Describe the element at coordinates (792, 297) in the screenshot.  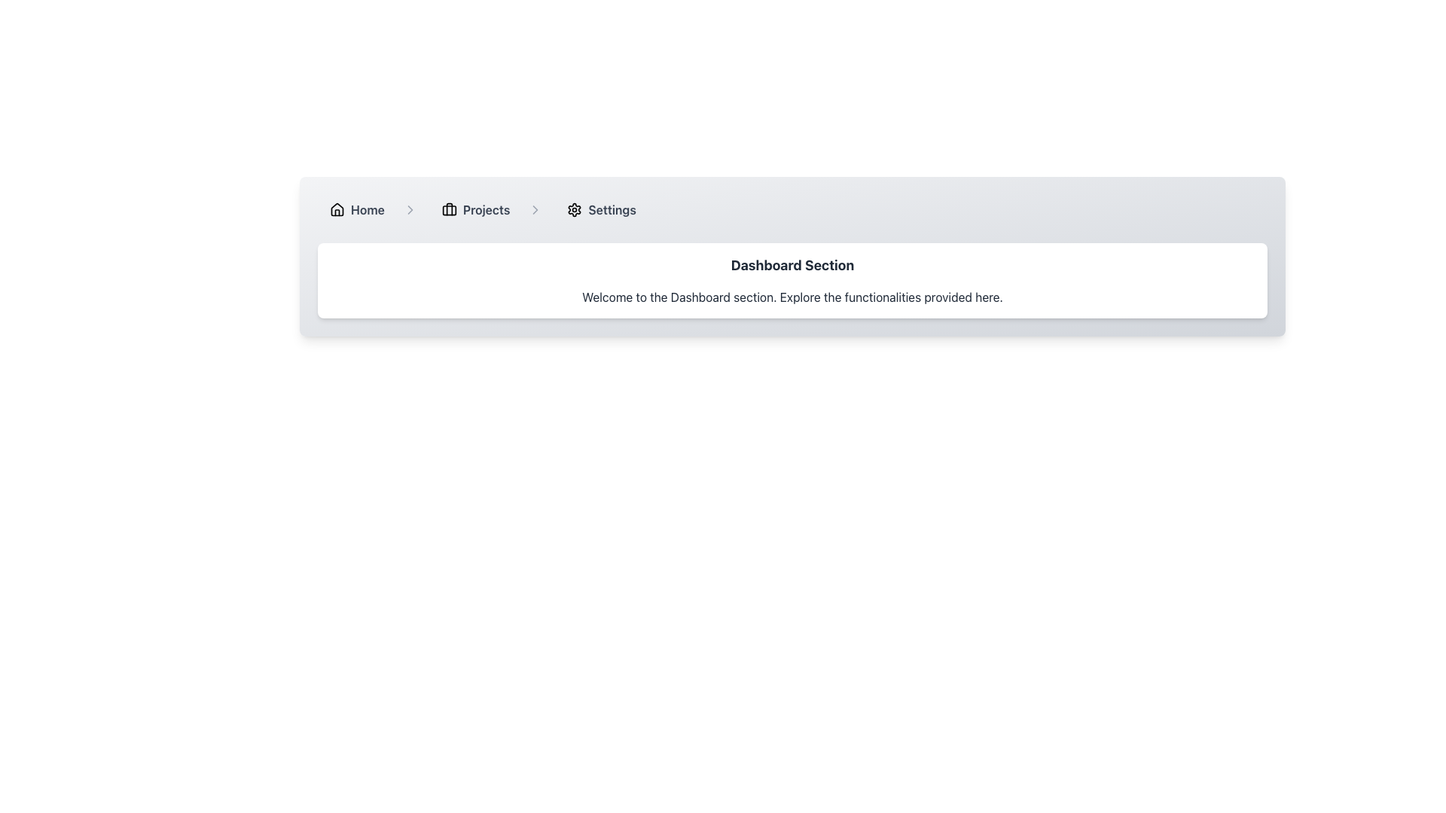
I see `the text block that reads 'Welcome to the Dashboard section. Explore the functionalities provided here.' located beneath the 'Dashboard Section' heading` at that location.